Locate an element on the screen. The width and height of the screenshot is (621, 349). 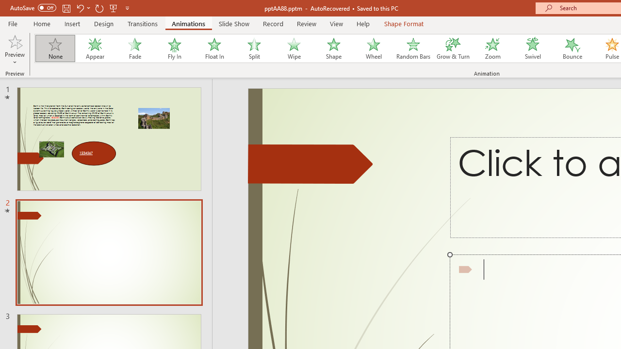
'Float In' is located at coordinates (213, 48).